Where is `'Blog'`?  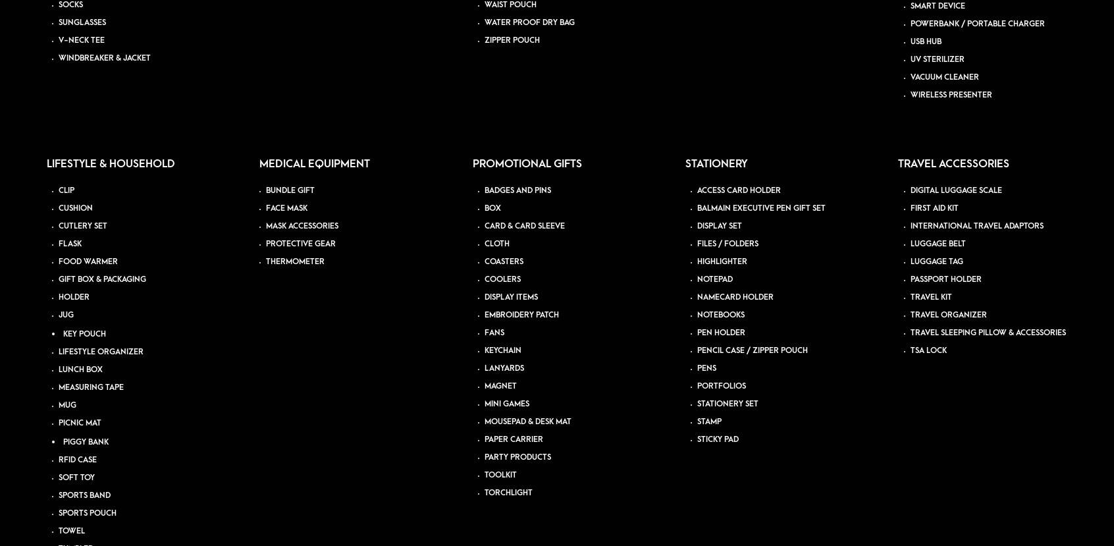 'Blog' is located at coordinates (1033, 241).